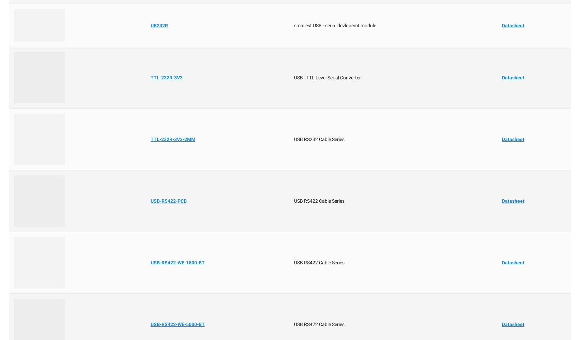  Describe the element at coordinates (150, 25) in the screenshot. I see `'UB232R'` at that location.